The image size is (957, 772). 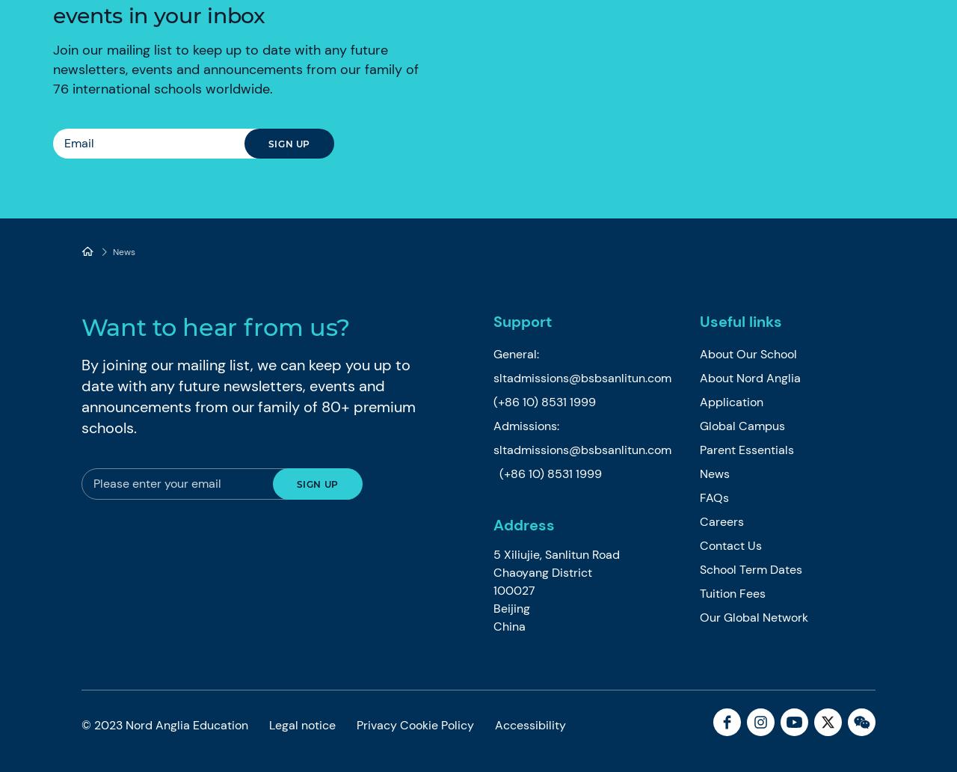 What do you see at coordinates (698, 321) in the screenshot?
I see `'Useful links'` at bounding box center [698, 321].